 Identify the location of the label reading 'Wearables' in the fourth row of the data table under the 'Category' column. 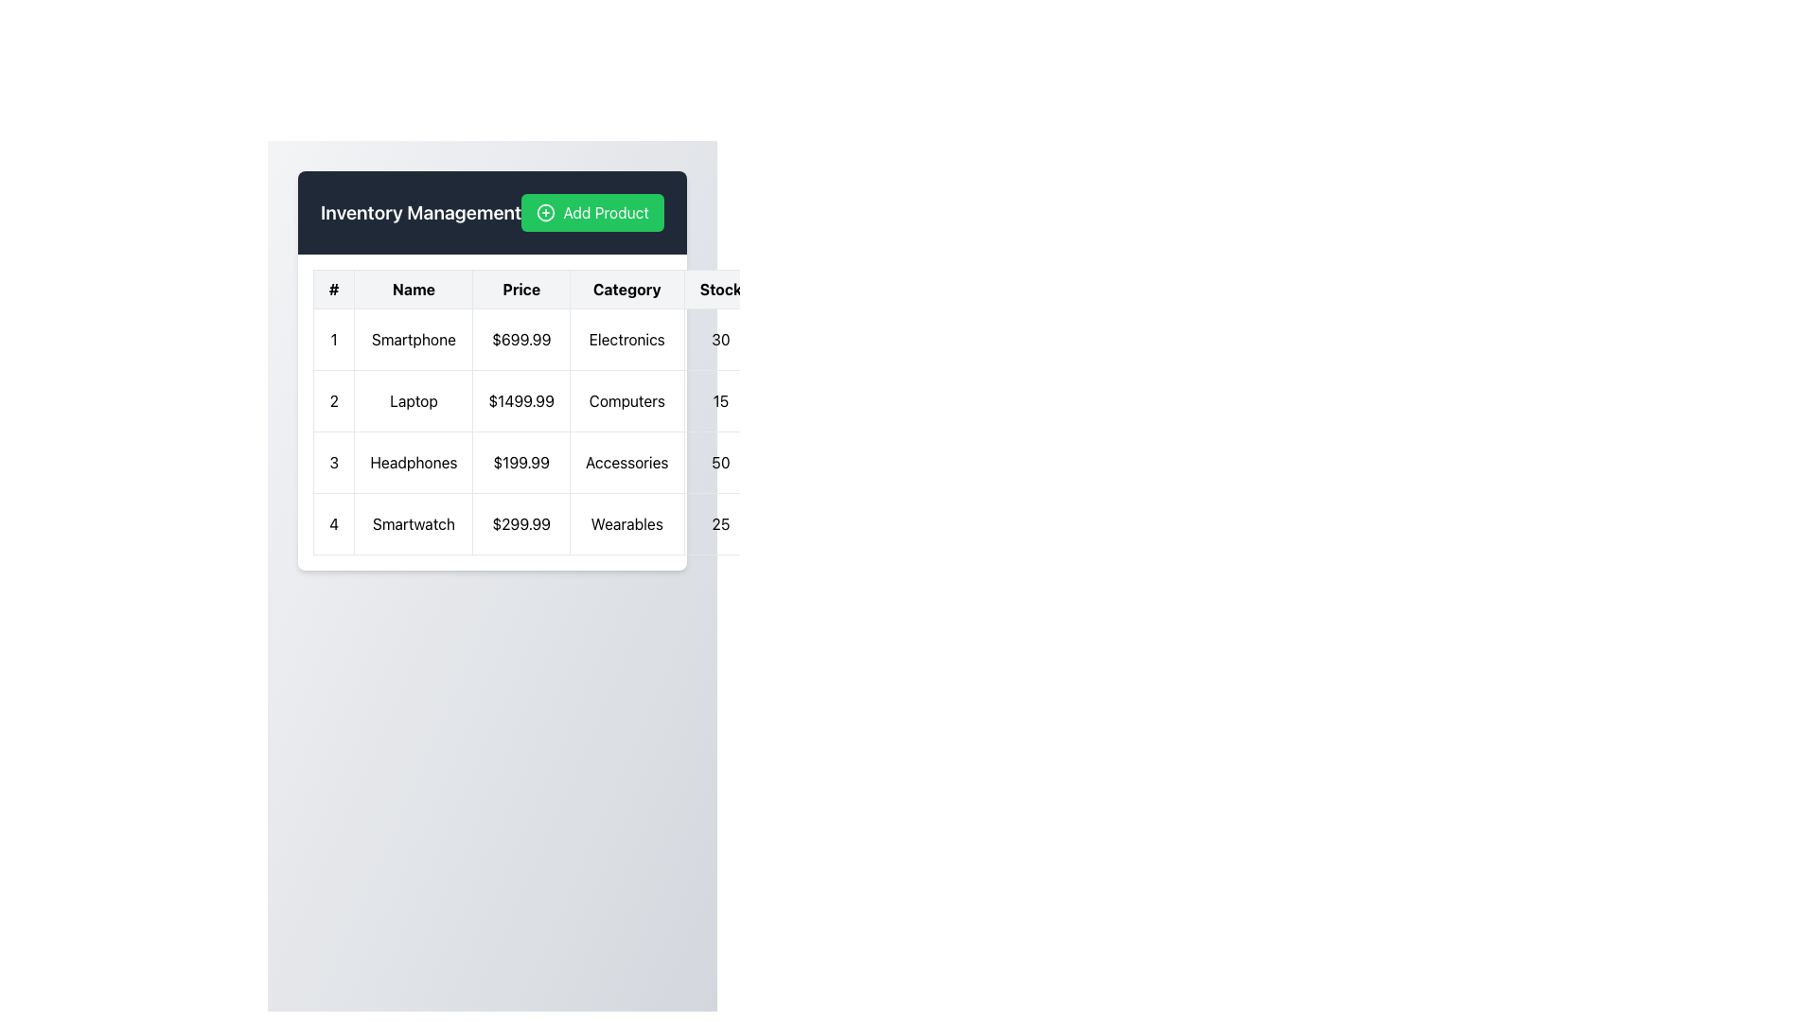
(626, 524).